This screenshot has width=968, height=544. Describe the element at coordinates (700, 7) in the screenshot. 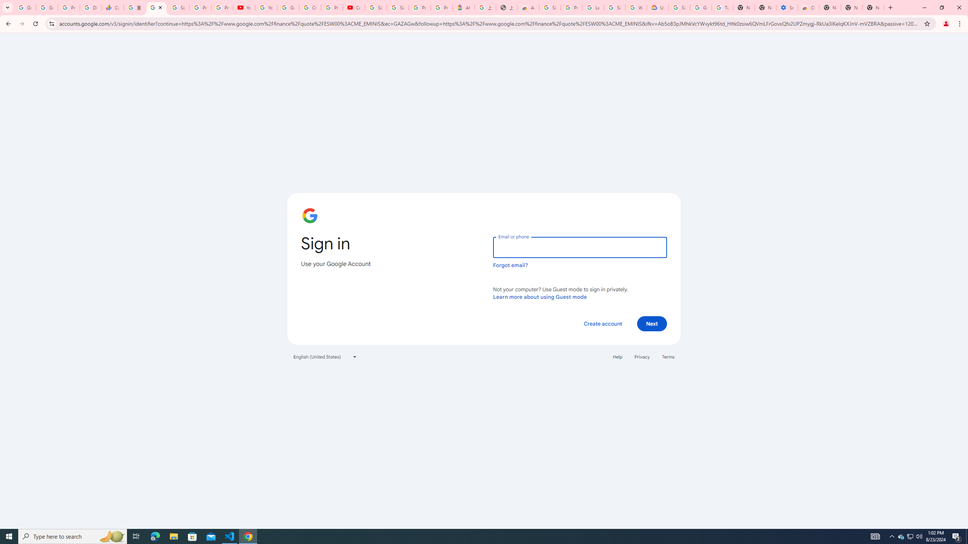

I see `'Google Account Help'` at that location.